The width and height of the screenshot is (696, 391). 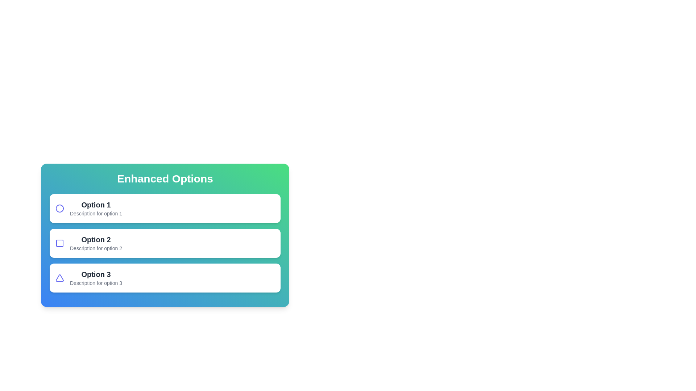 I want to click on the text label displaying 'Description for option 3', which is styled in muted grey and positioned below the heading 'Option 3', so click(x=95, y=283).